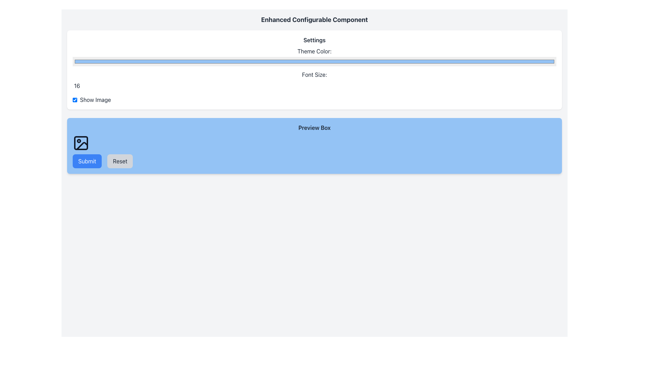 Image resolution: width=671 pixels, height=377 pixels. Describe the element at coordinates (75, 99) in the screenshot. I see `the checkbox labeled 'Show Image' in the Settings section` at that location.